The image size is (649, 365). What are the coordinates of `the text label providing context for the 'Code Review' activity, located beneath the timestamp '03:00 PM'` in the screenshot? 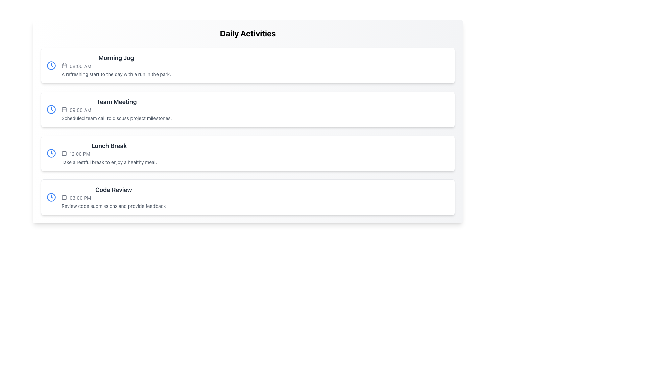 It's located at (114, 205).